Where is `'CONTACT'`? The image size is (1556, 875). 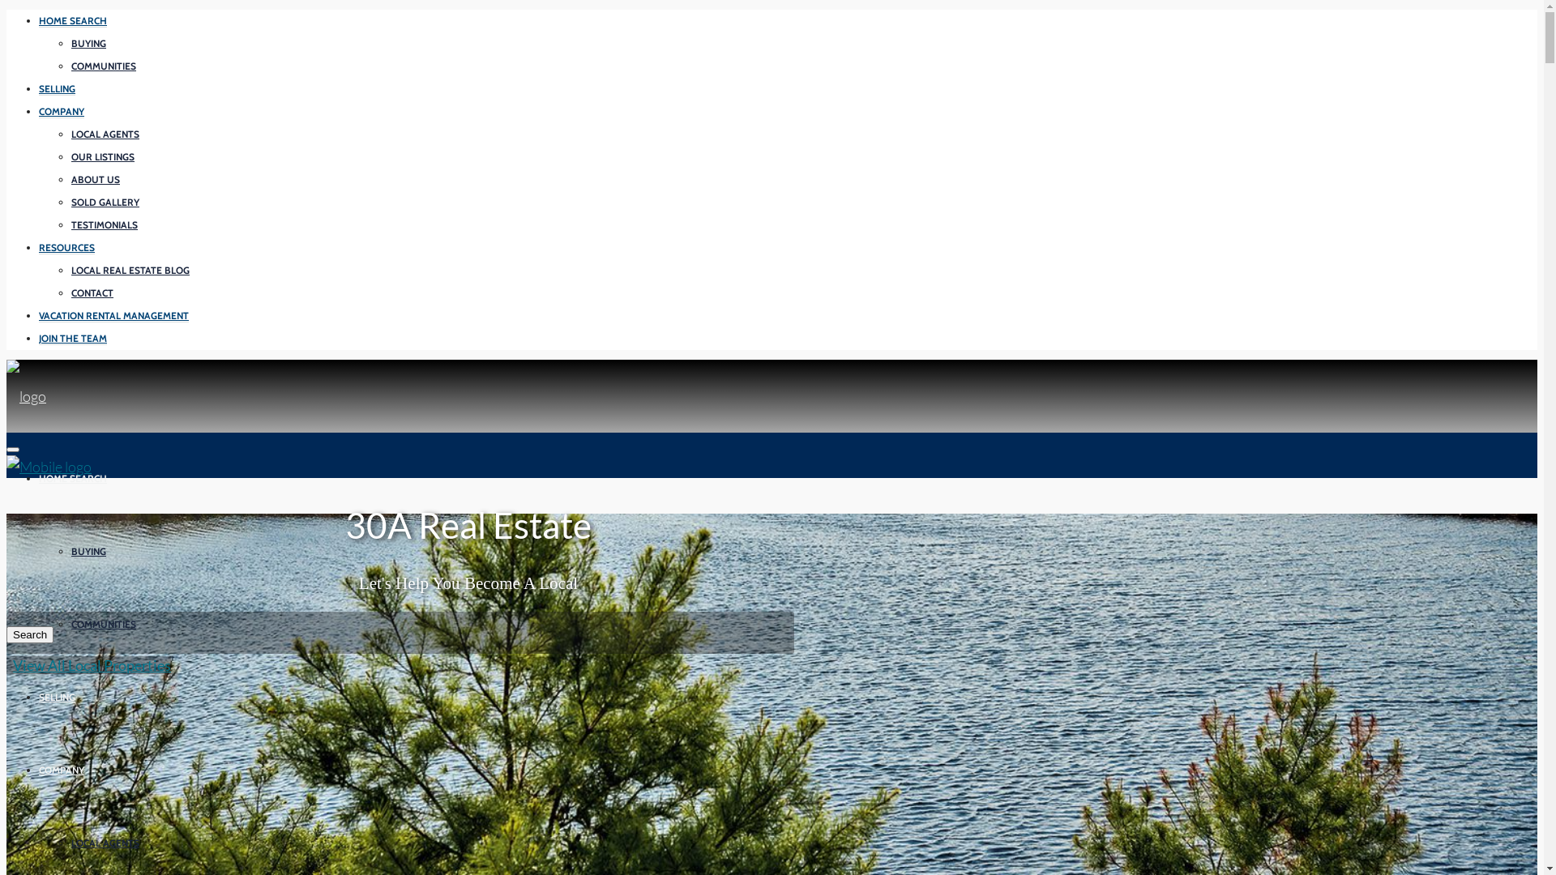 'CONTACT' is located at coordinates (92, 293).